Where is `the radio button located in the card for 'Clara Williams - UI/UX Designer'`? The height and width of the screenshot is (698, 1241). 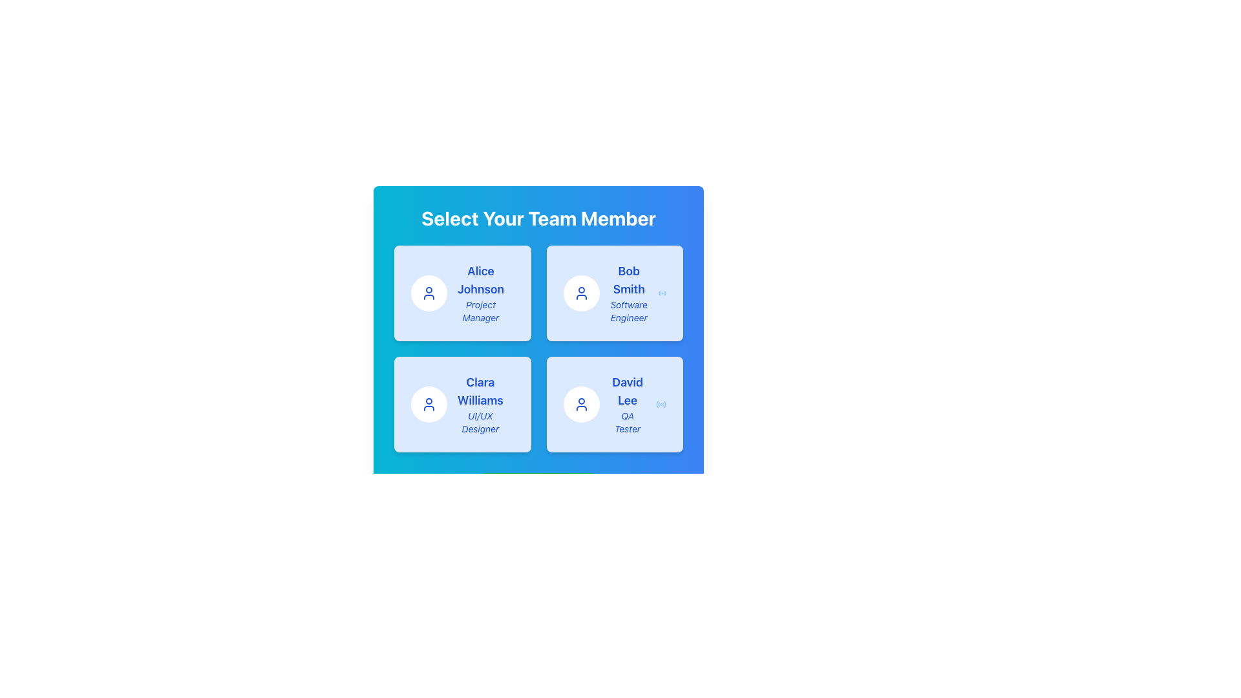
the radio button located in the card for 'Clara Williams - UI/UX Designer' is located at coordinates (513, 403).